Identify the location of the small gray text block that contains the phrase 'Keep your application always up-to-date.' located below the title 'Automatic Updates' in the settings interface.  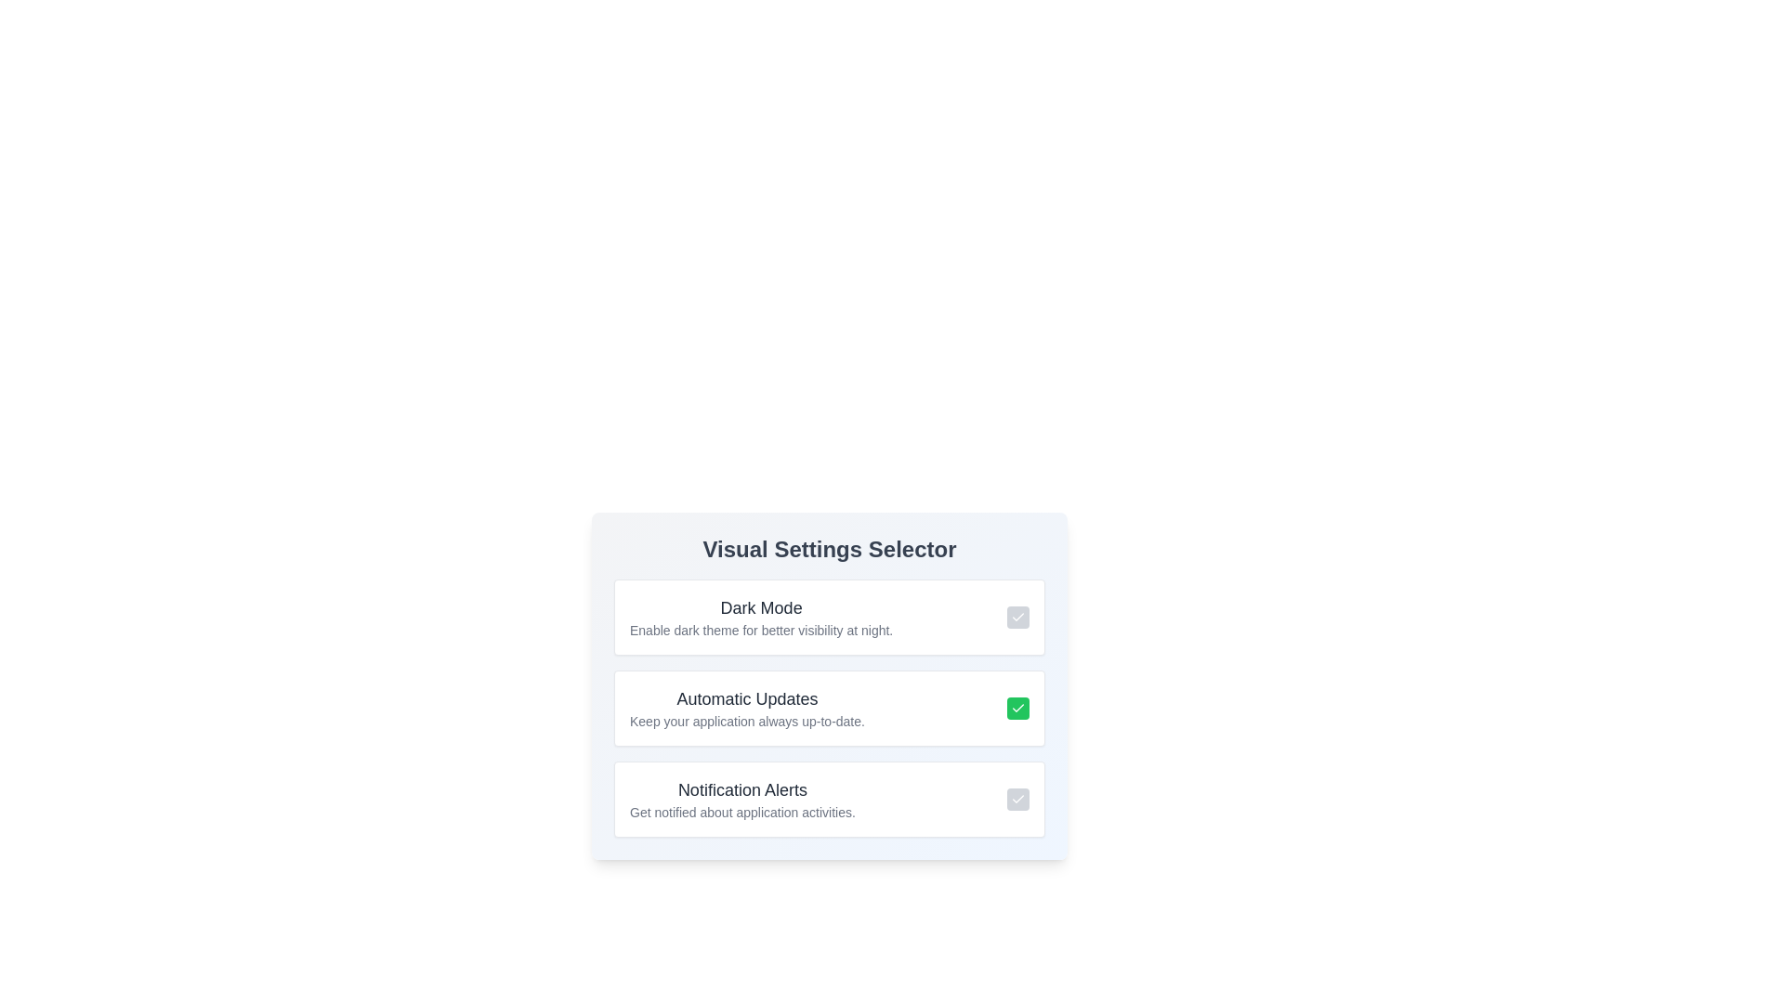
(747, 720).